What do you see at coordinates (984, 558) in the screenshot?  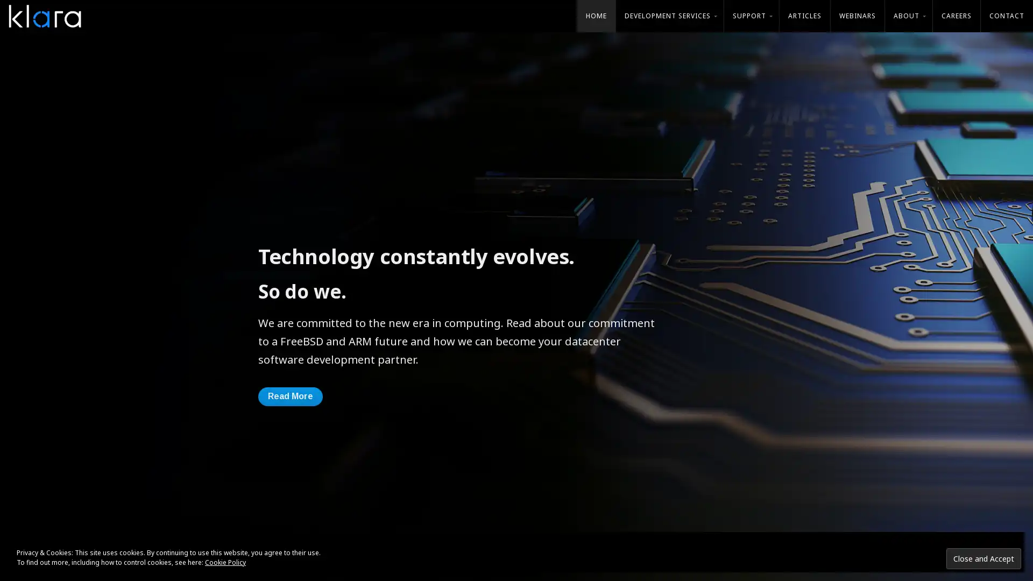 I see `Close and Accept` at bounding box center [984, 558].